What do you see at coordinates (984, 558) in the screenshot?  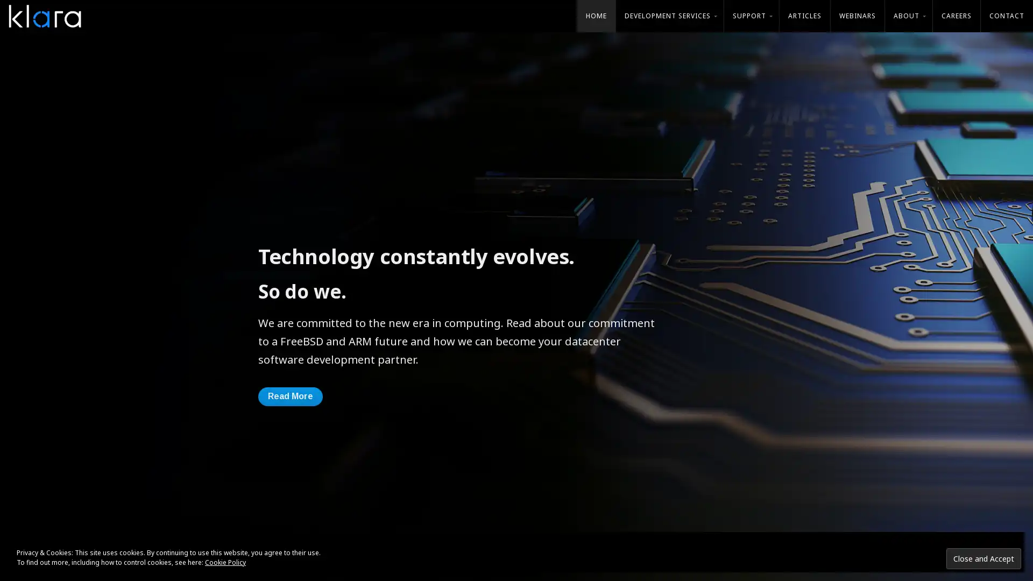 I see `Close and Accept` at bounding box center [984, 558].